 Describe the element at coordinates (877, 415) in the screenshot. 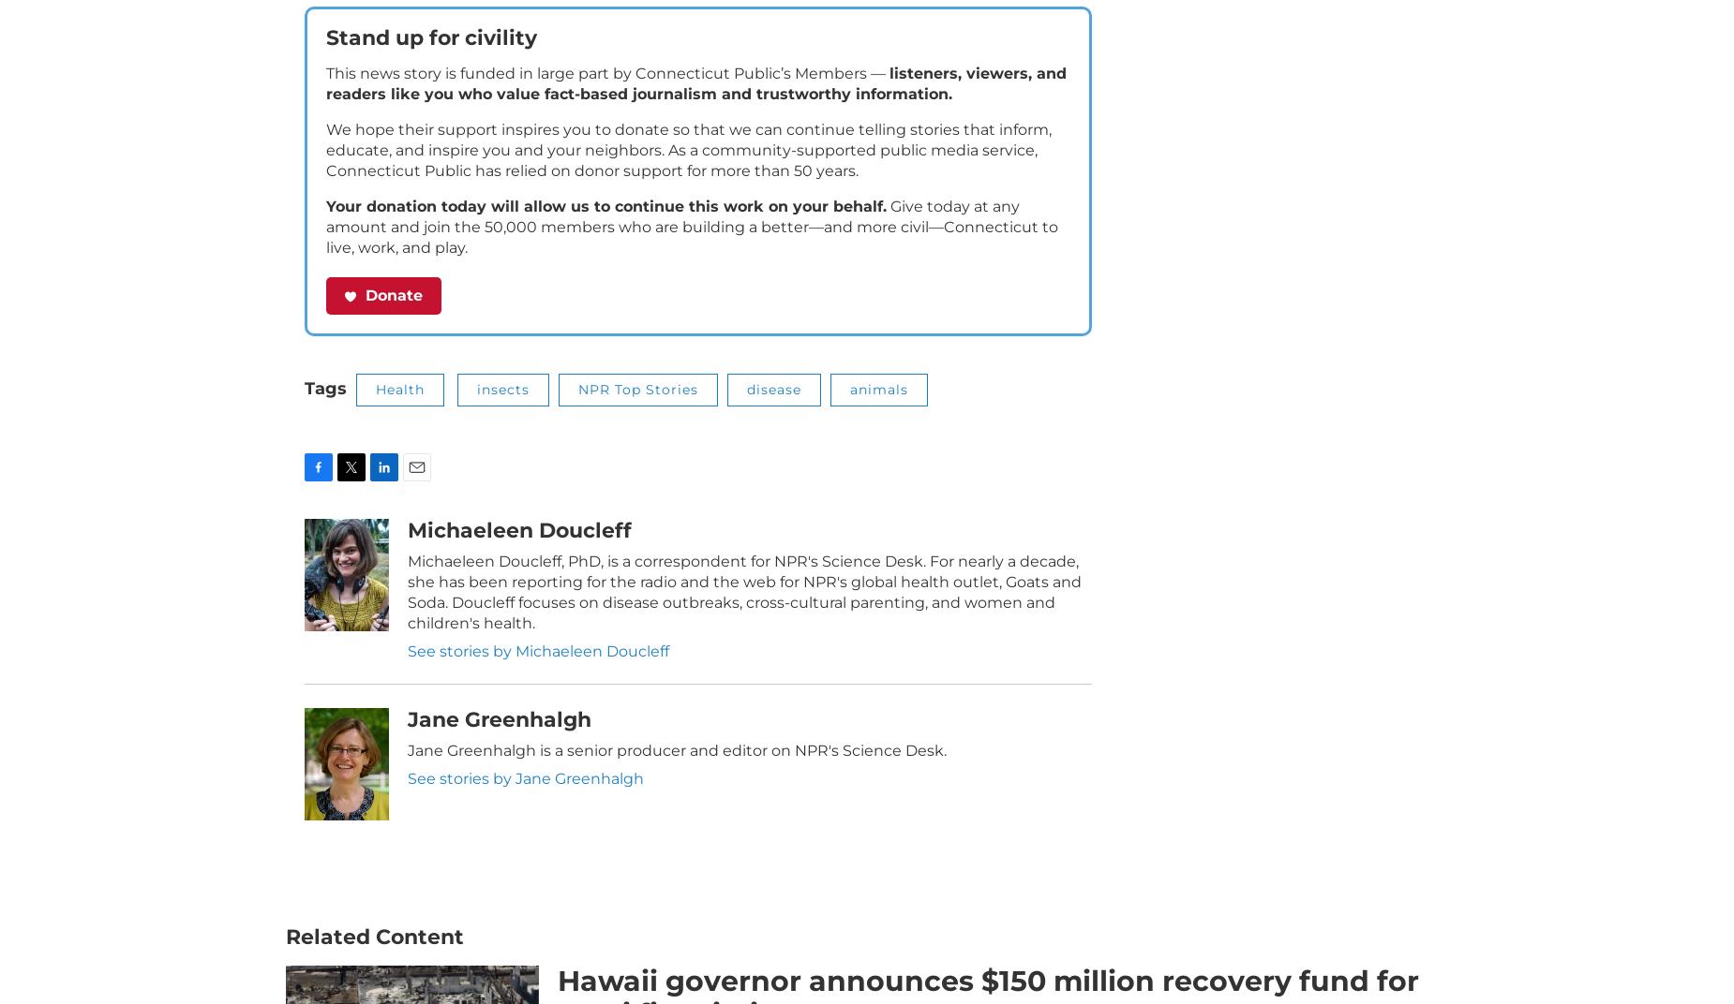

I see `'animals'` at that location.